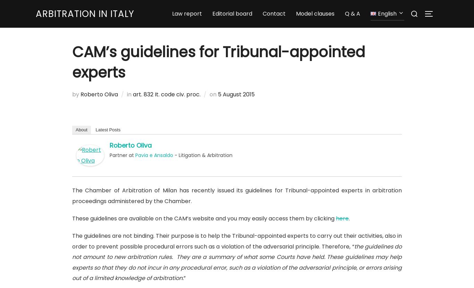  I want to click on 'Model clauses', so click(315, 15).